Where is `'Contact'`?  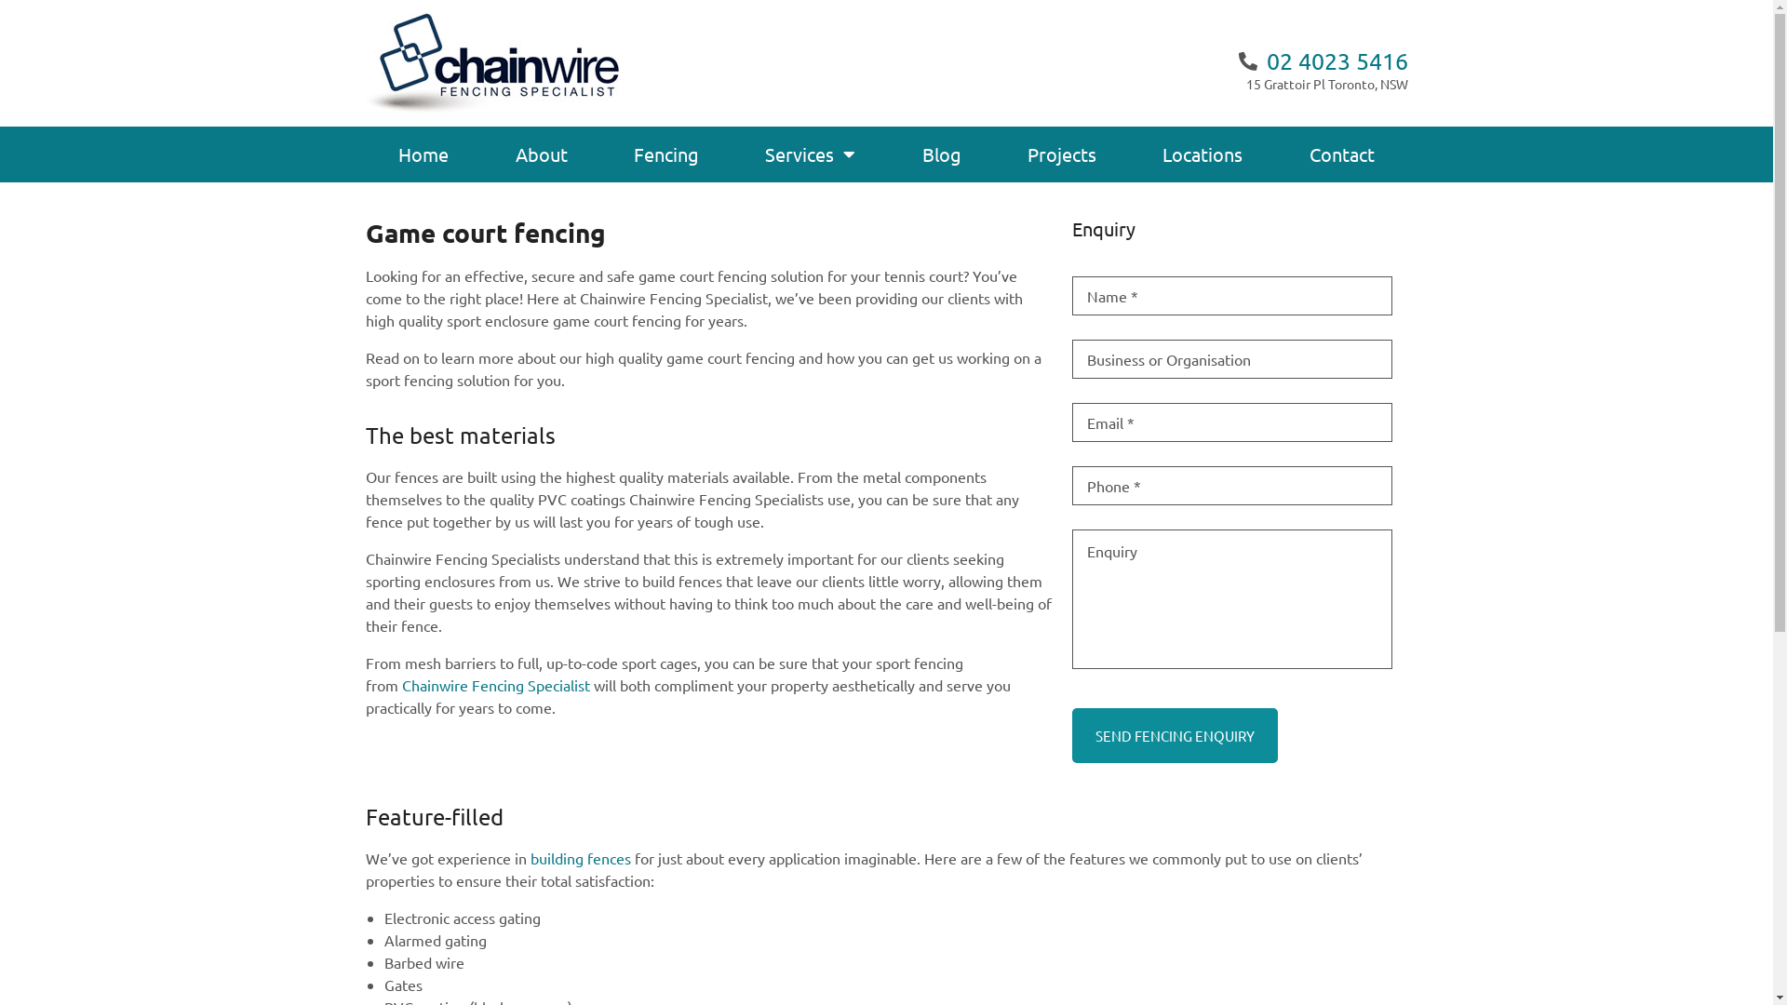
'Contact' is located at coordinates (1341, 153).